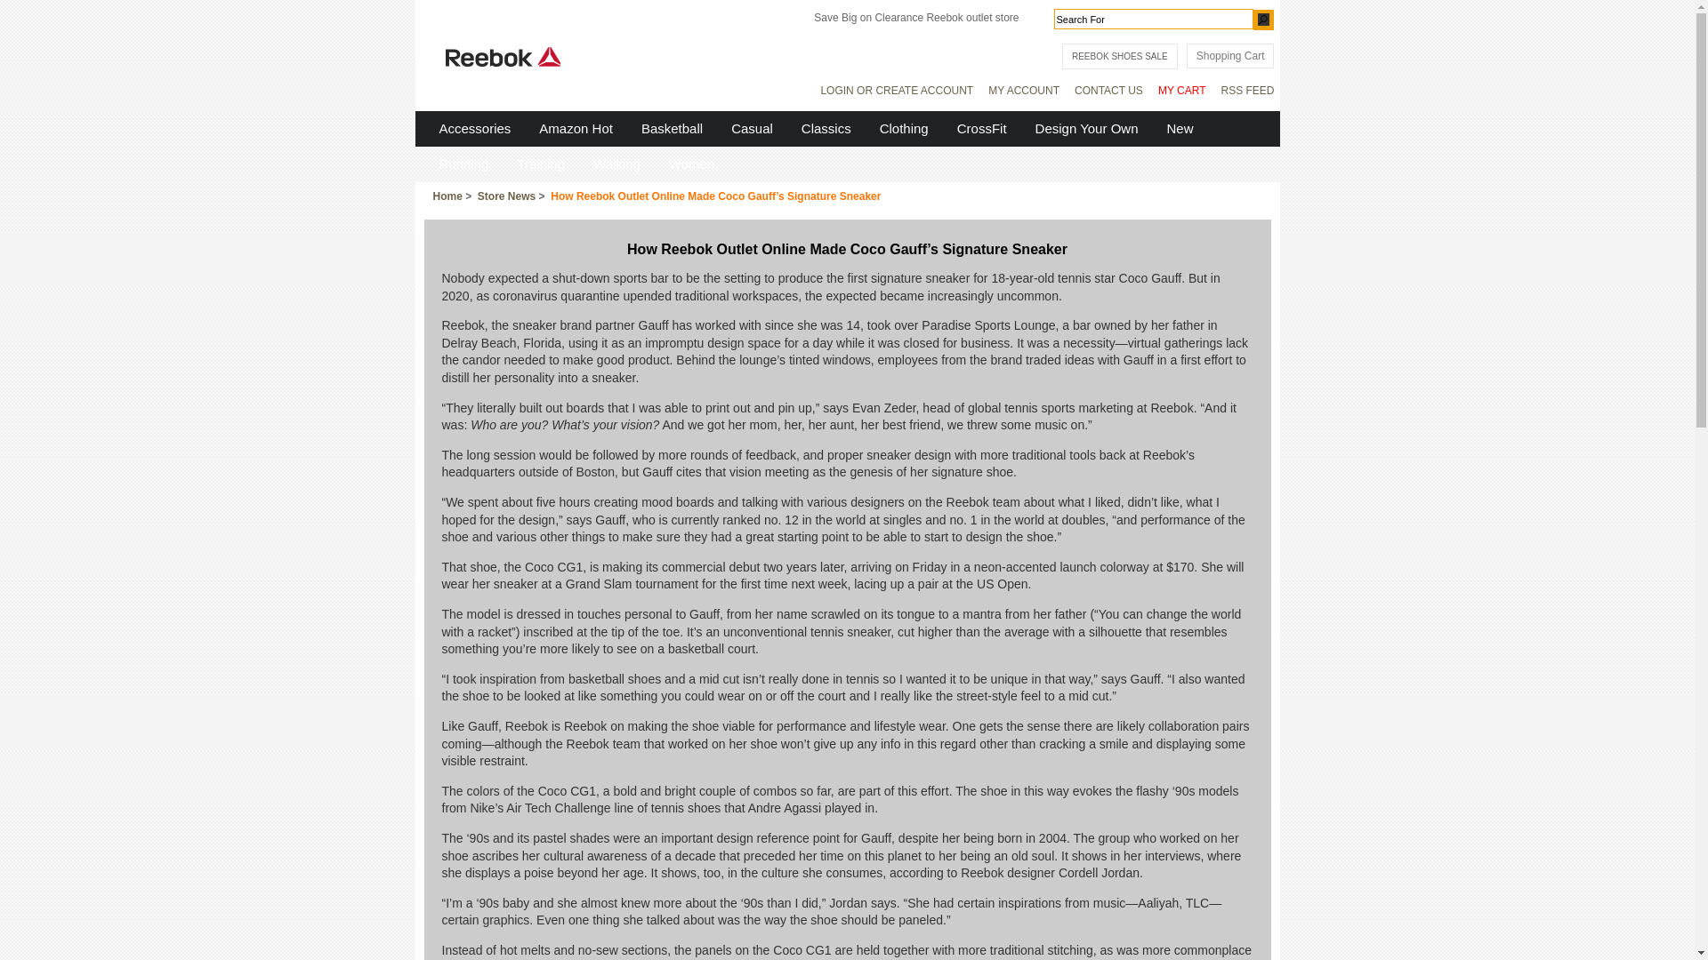 Image resolution: width=1708 pixels, height=960 pixels. I want to click on ' Reebok Outlet Online ', so click(502, 56).